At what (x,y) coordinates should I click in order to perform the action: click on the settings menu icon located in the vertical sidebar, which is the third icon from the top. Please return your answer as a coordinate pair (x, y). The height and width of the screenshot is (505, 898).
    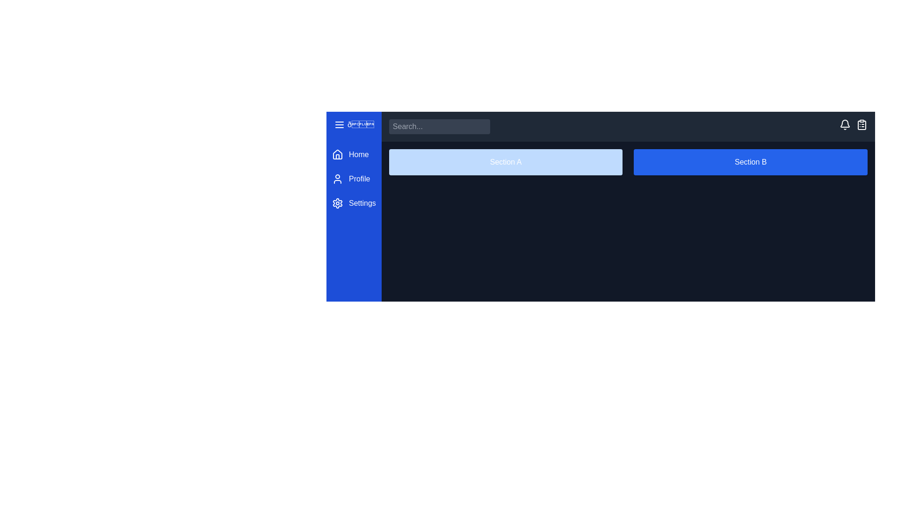
    Looking at the image, I should click on (337, 203).